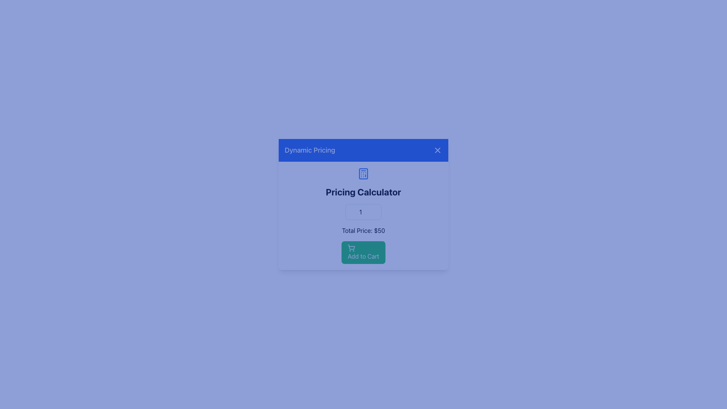 The height and width of the screenshot is (409, 727). What do you see at coordinates (363, 212) in the screenshot?
I see `the numeric input field with a white background, rounded corners, and centered number '1' located under the title 'Pricing Calculator'` at bounding box center [363, 212].